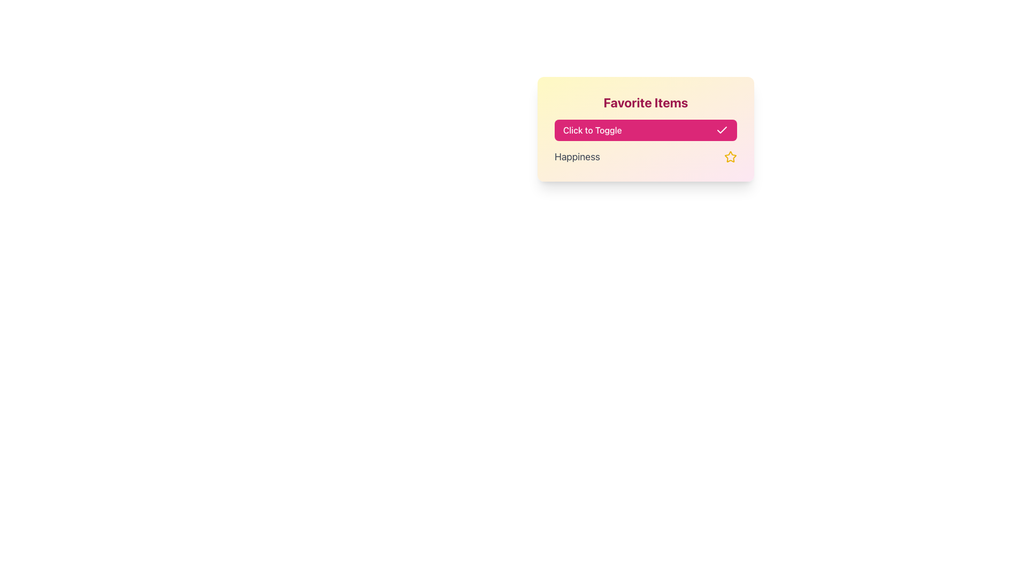  Describe the element at coordinates (722, 129) in the screenshot. I see `the check icon styled in white with a rounded stroke located within a pink button next to the text 'Click` at that location.